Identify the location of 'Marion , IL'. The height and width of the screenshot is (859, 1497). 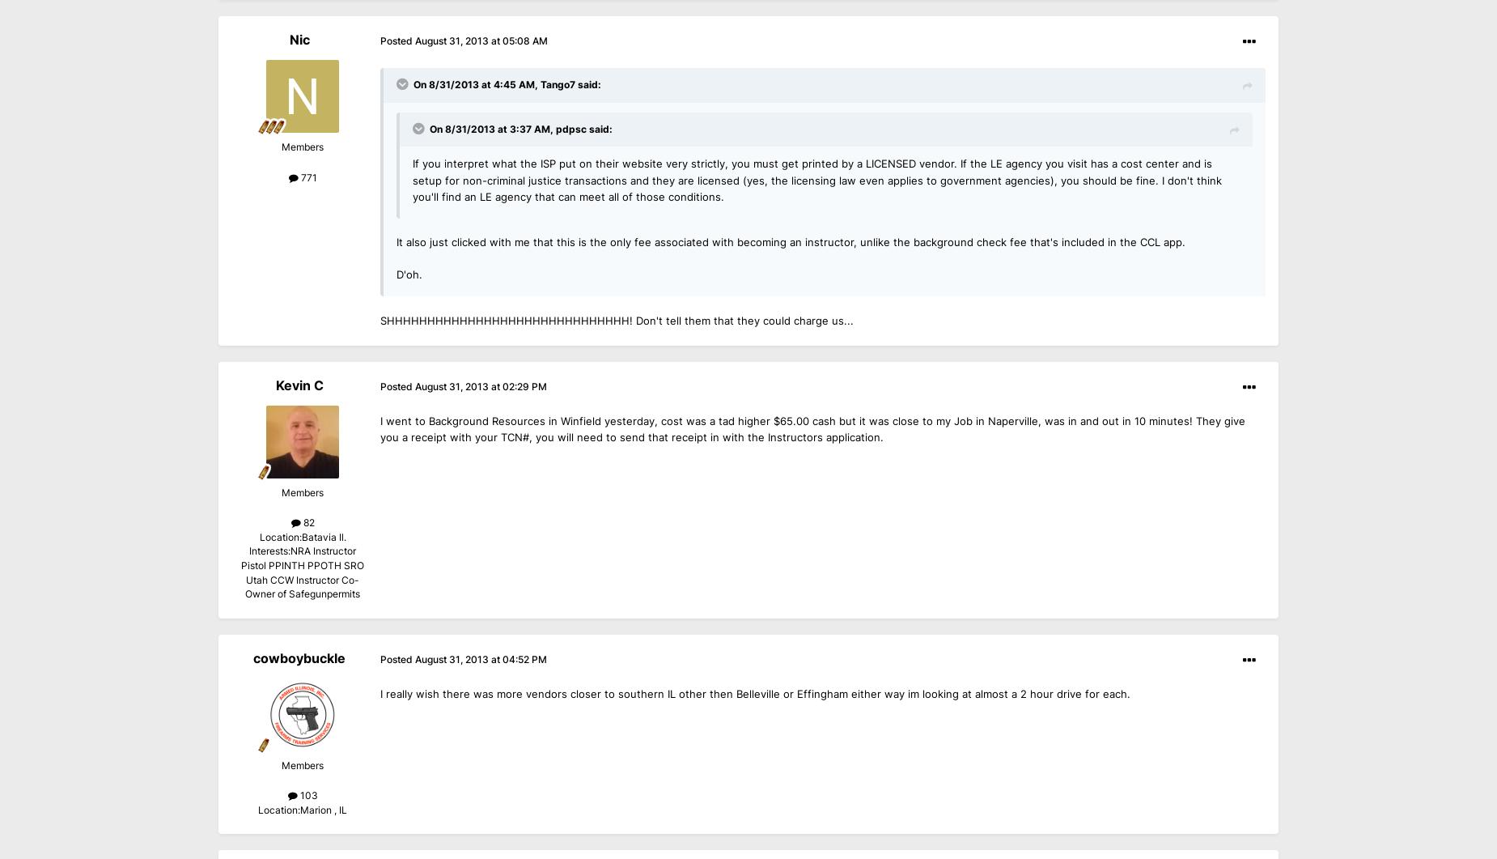
(322, 808).